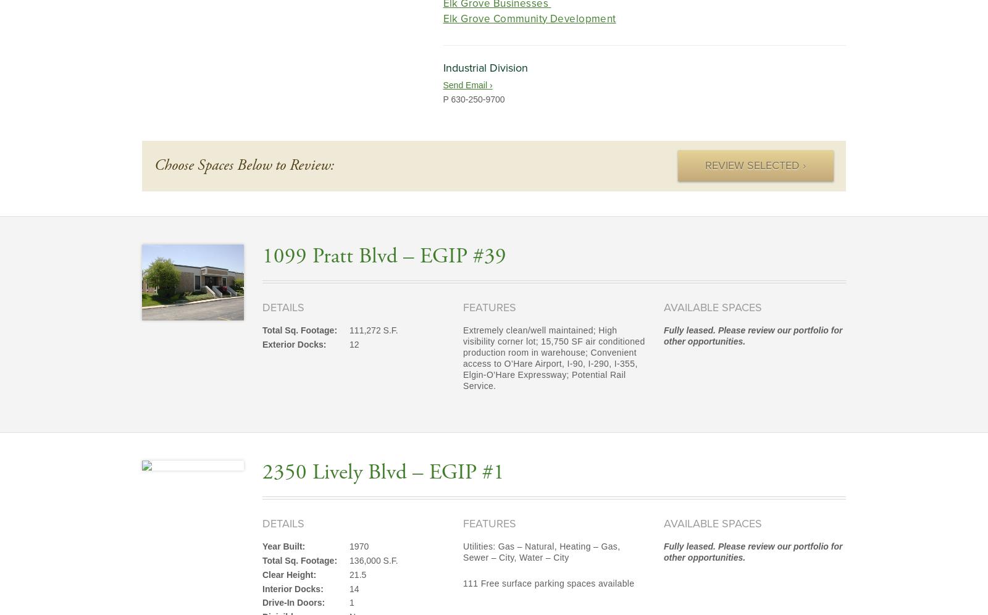  I want to click on '1', so click(349, 601).